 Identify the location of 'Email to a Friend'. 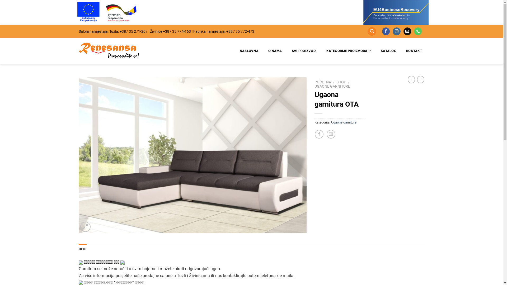
(331, 134).